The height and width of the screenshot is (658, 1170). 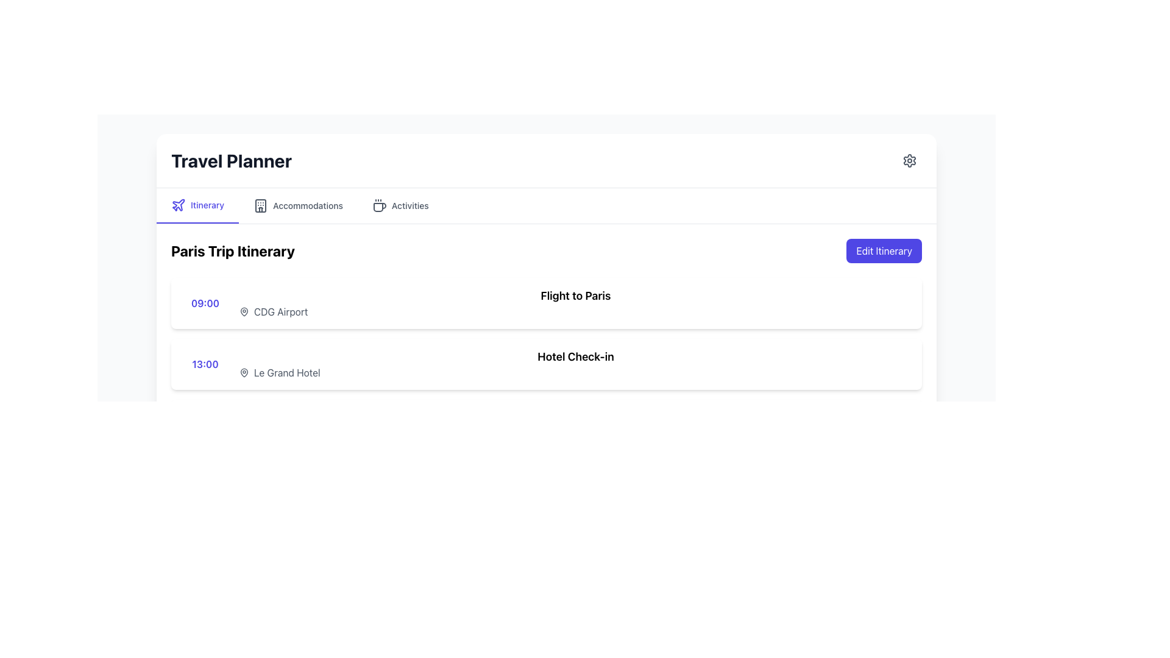 I want to click on the map pin icon located to the left of the text 'CDG Airport' in the 'Paris Trip Itinerary' section, so click(x=244, y=311).